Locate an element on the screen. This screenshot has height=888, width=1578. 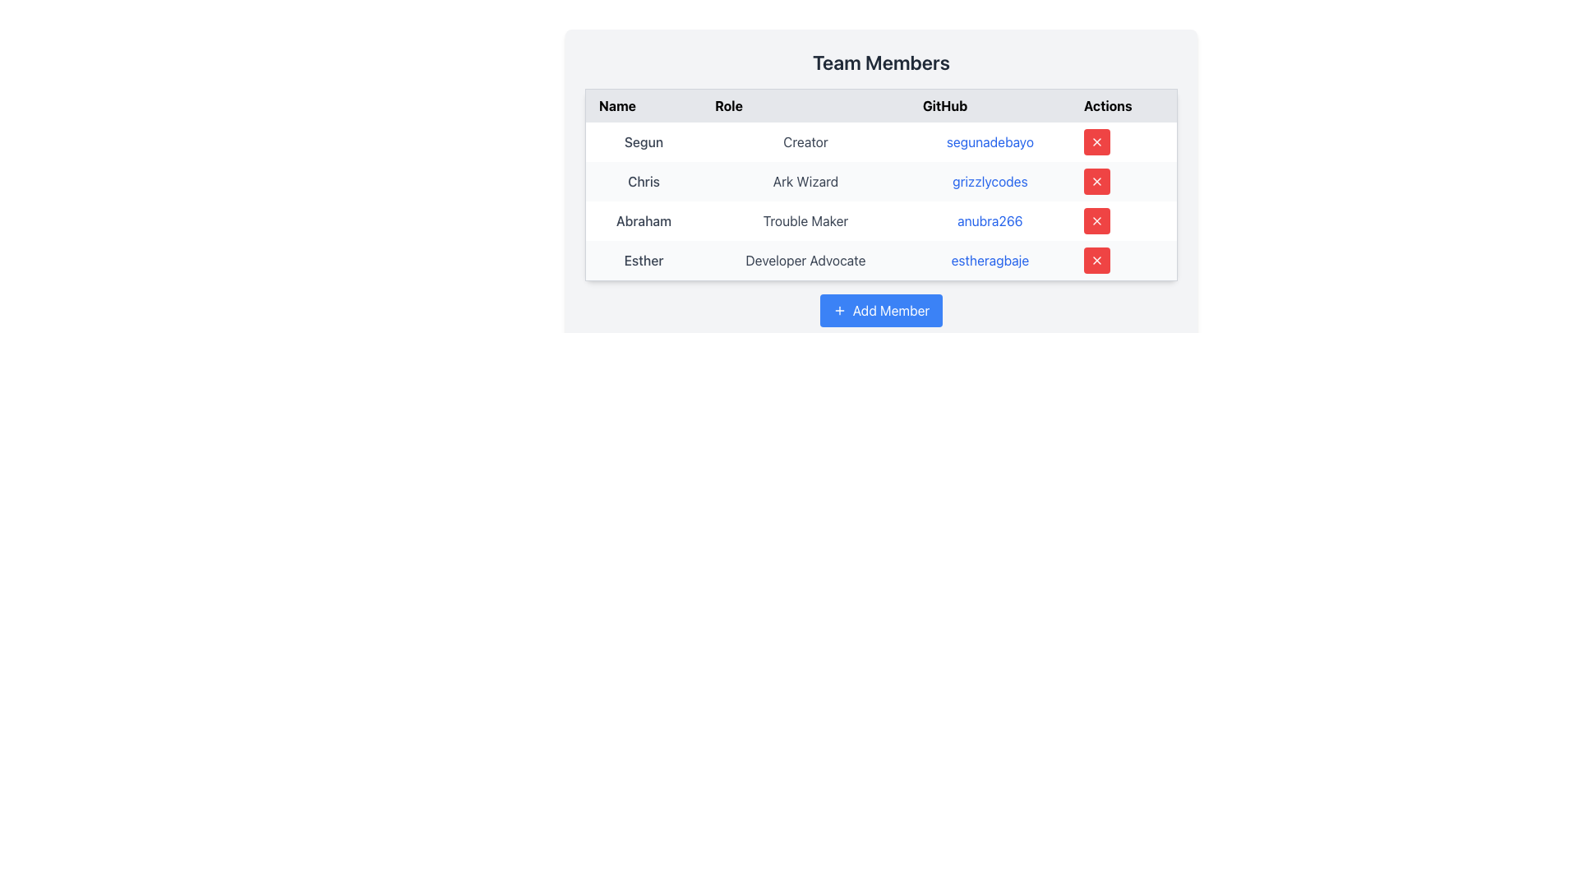
the static Text label indicating the role of 'Abraham' in the 'Role' column of the 'Team Members' table is located at coordinates (805, 220).